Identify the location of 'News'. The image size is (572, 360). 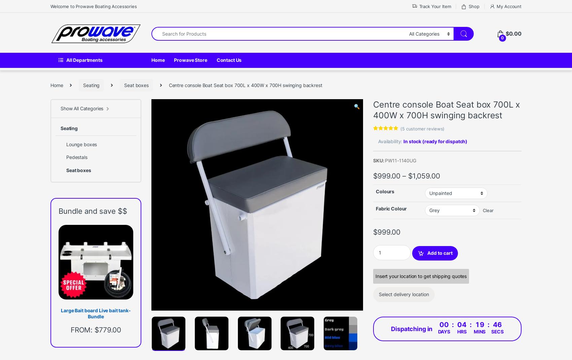
(344, 348).